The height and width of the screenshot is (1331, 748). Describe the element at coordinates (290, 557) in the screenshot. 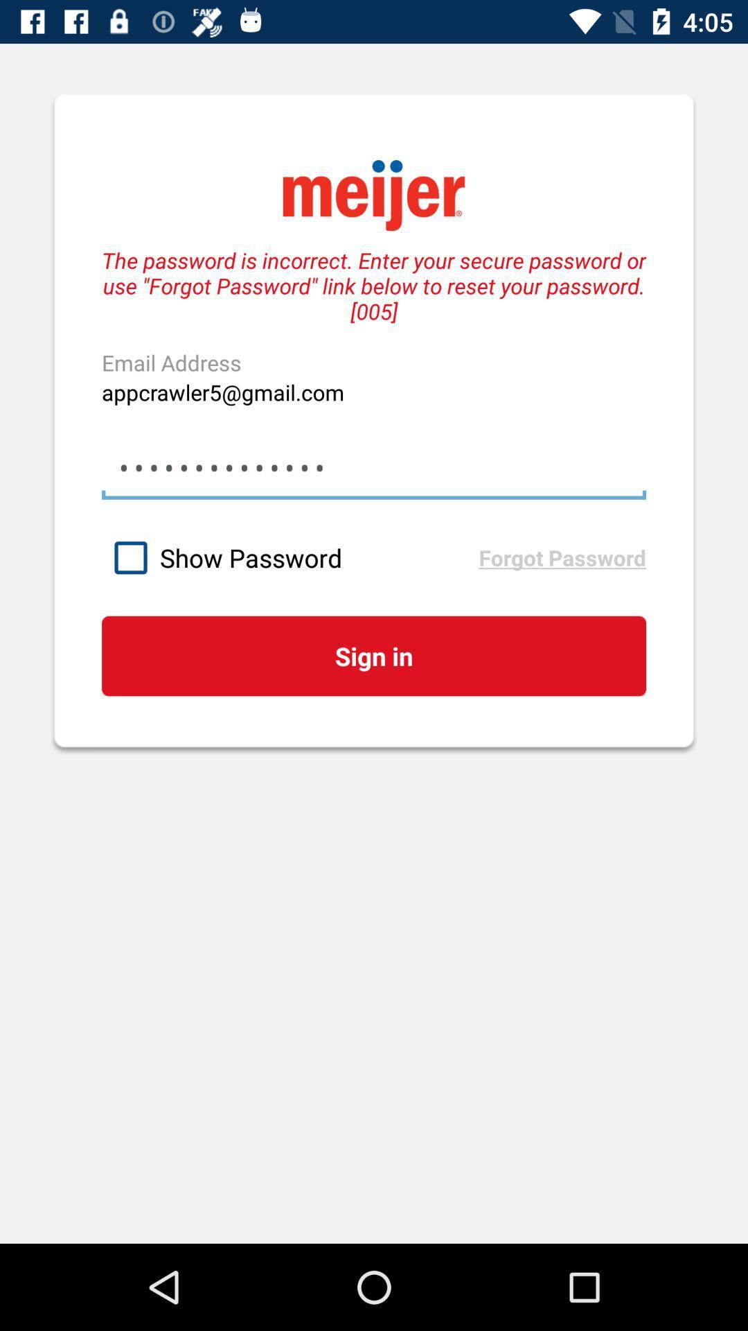

I see `show password item` at that location.